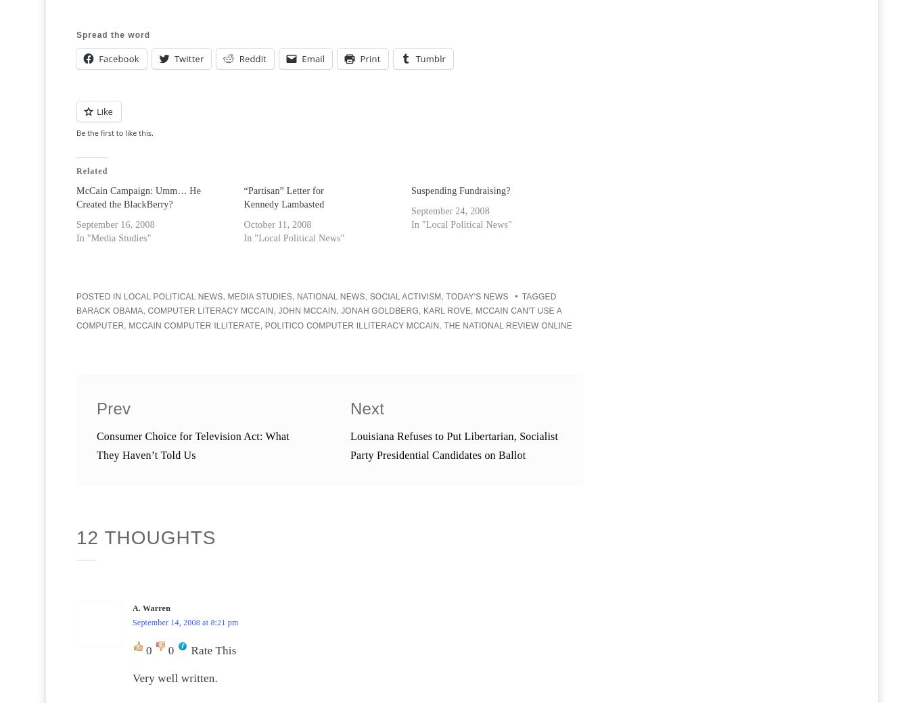 This screenshot has width=924, height=703. What do you see at coordinates (192, 445) in the screenshot?
I see `'Consumer Choice for Television Act: What They Haven’t Told Us'` at bounding box center [192, 445].